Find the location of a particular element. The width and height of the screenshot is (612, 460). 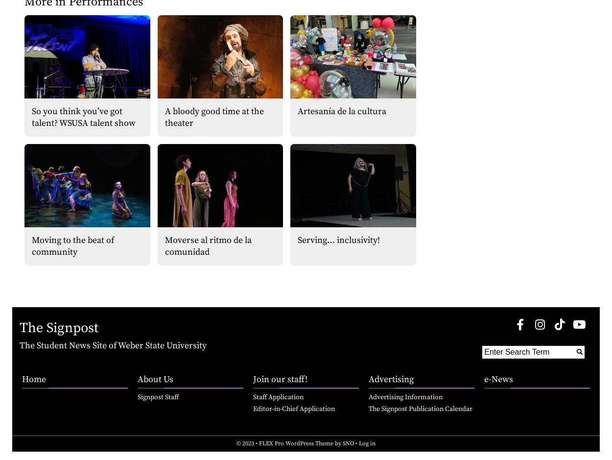

'FLEX Pro WordPress Theme' is located at coordinates (296, 443).